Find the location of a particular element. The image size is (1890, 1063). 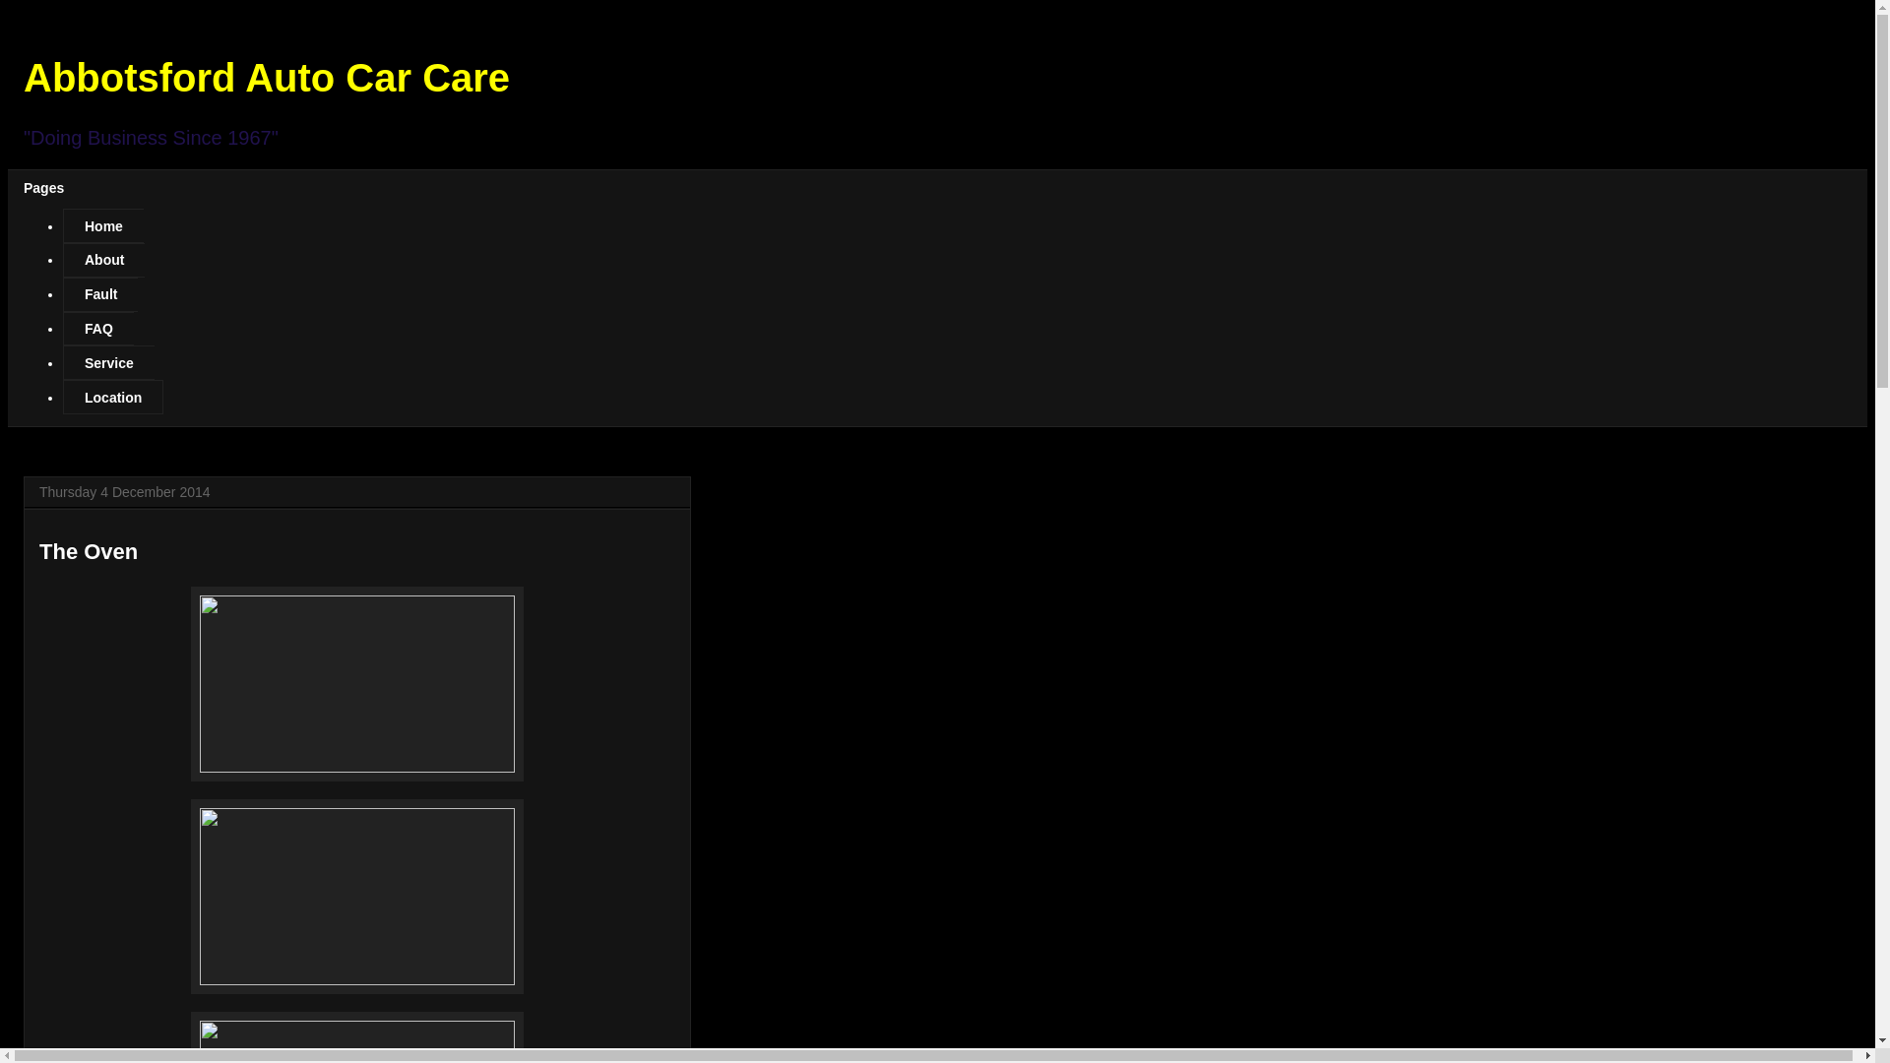

'Home' is located at coordinates (102, 224).